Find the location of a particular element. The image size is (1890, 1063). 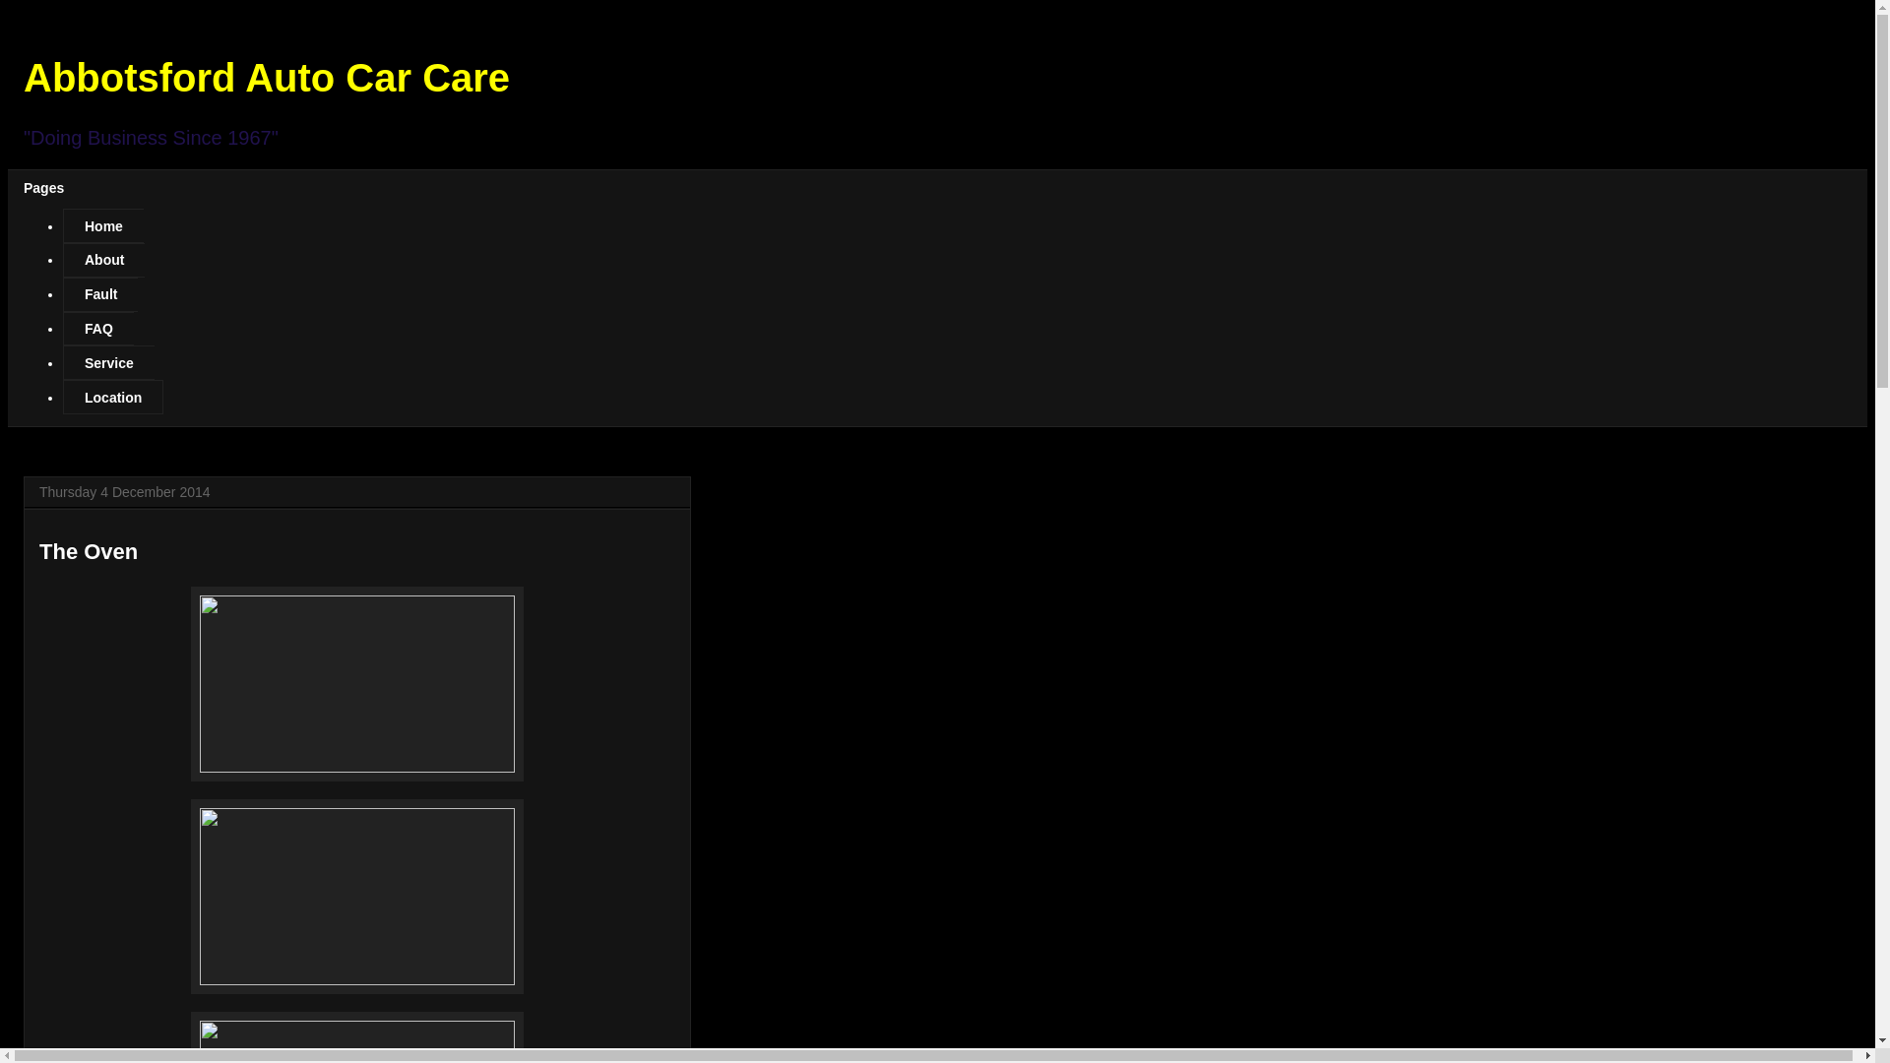

'Home' is located at coordinates (102, 224).